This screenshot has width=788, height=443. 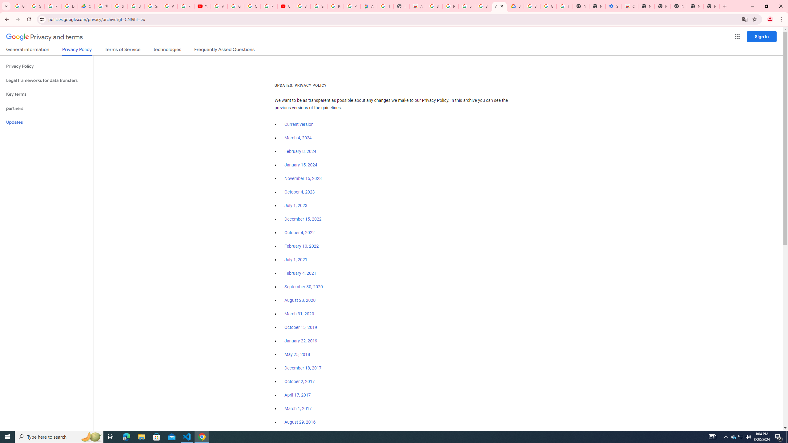 I want to click on 'November 15, 2023', so click(x=303, y=179).